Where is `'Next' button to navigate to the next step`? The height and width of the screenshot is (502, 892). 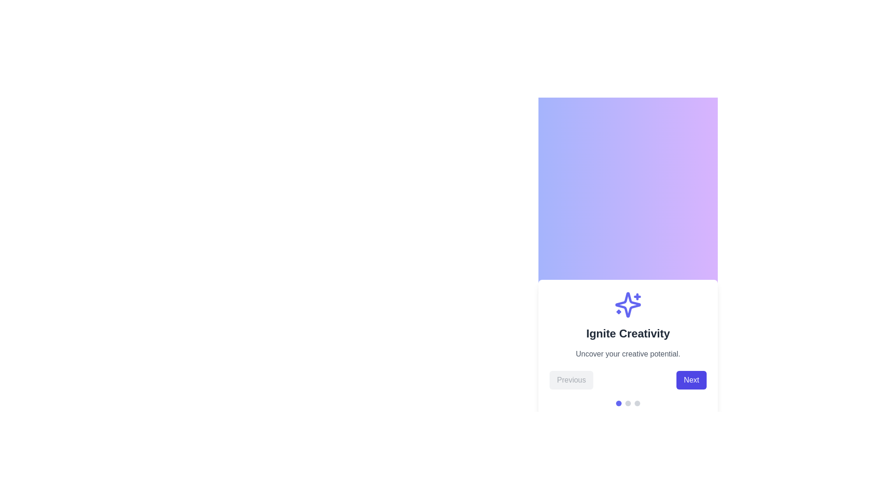
'Next' button to navigate to the next step is located at coordinates (691, 380).